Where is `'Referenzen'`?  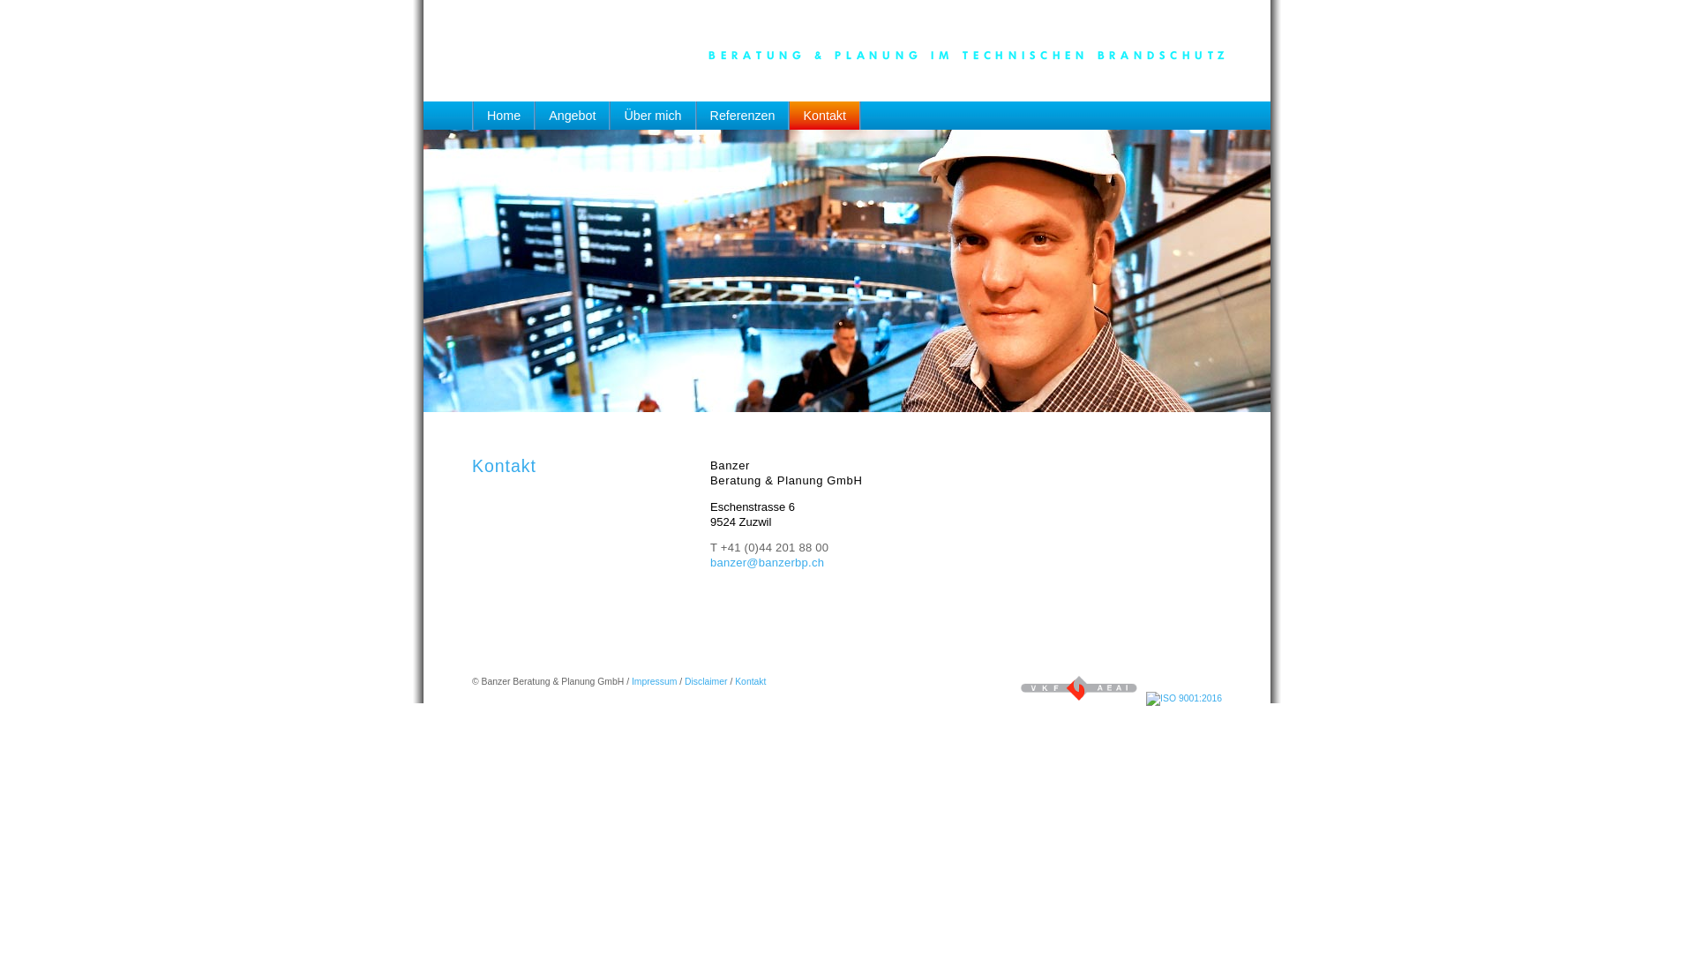
'Referenzen' is located at coordinates (743, 119).